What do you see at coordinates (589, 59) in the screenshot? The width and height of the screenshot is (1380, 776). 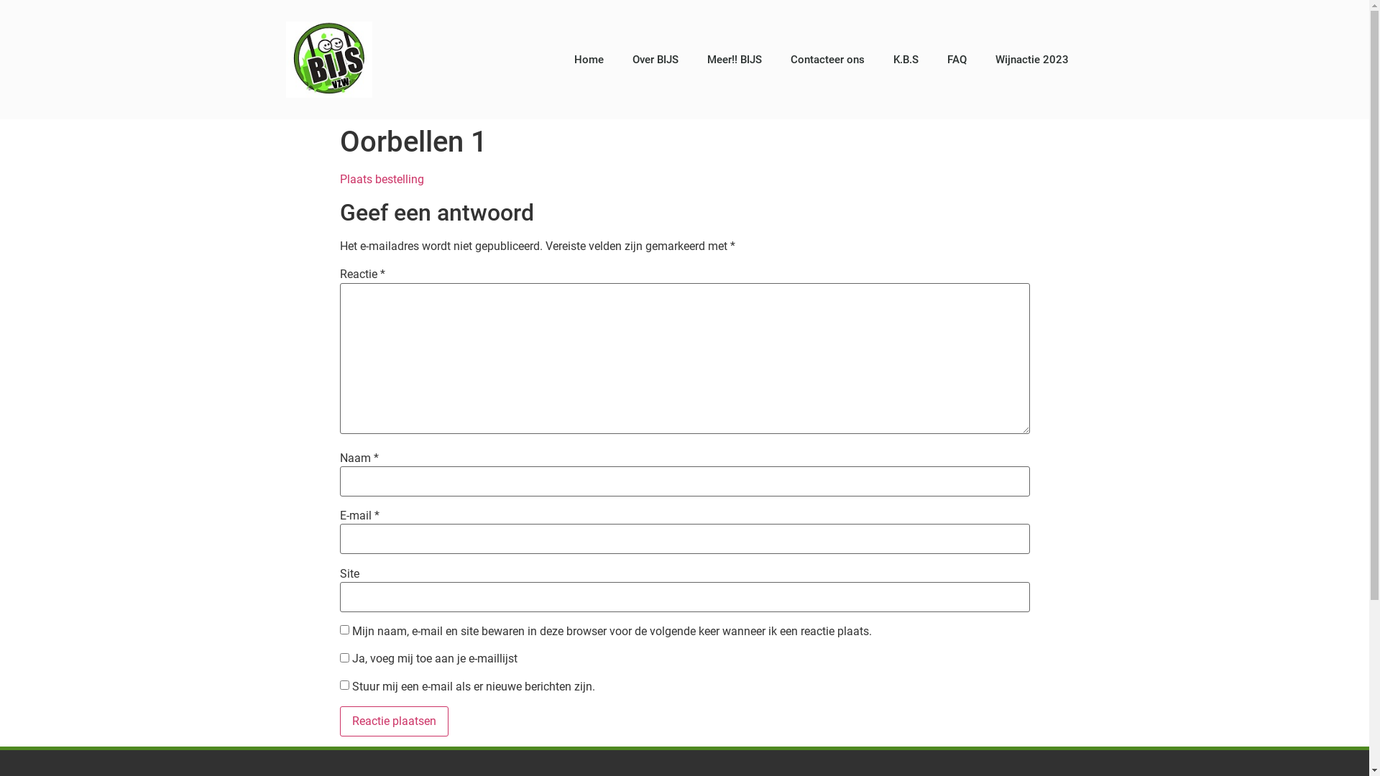 I see `'Home'` at bounding box center [589, 59].